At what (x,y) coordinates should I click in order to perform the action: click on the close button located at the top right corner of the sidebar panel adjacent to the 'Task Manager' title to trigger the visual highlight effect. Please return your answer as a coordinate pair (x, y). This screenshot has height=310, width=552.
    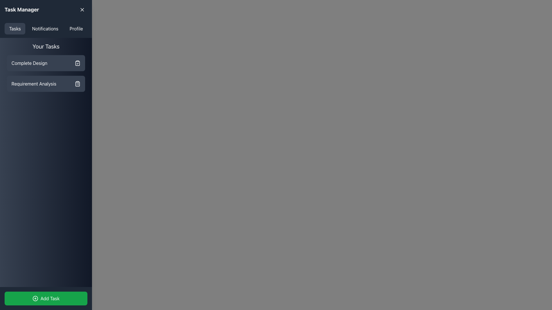
    Looking at the image, I should click on (82, 10).